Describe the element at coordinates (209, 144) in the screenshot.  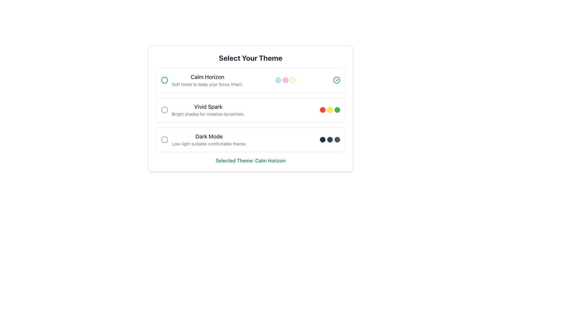
I see `the text description 'Low-light suitable comfortable theme.' located below the 'Dark Mode' label in the theme selection section` at that location.